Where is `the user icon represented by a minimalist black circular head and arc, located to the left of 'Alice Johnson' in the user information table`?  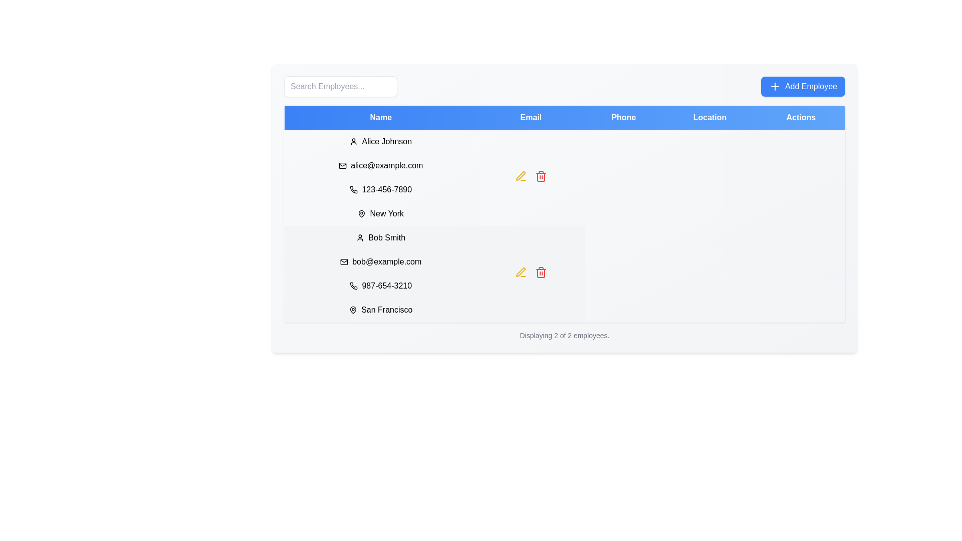
the user icon represented by a minimalist black circular head and arc, located to the left of 'Alice Johnson' in the user information table is located at coordinates (354, 141).